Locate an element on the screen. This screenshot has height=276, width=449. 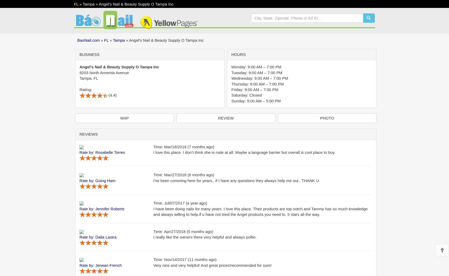
'Saturday: Closed' is located at coordinates (246, 95).